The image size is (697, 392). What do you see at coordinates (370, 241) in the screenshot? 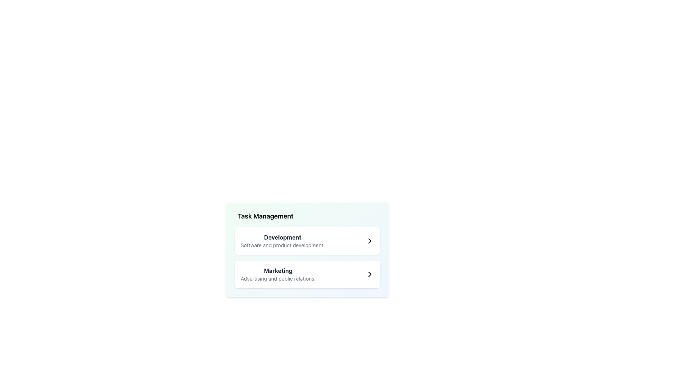
I see `the chevron icon located to the right side of the 'Development' list item` at bounding box center [370, 241].